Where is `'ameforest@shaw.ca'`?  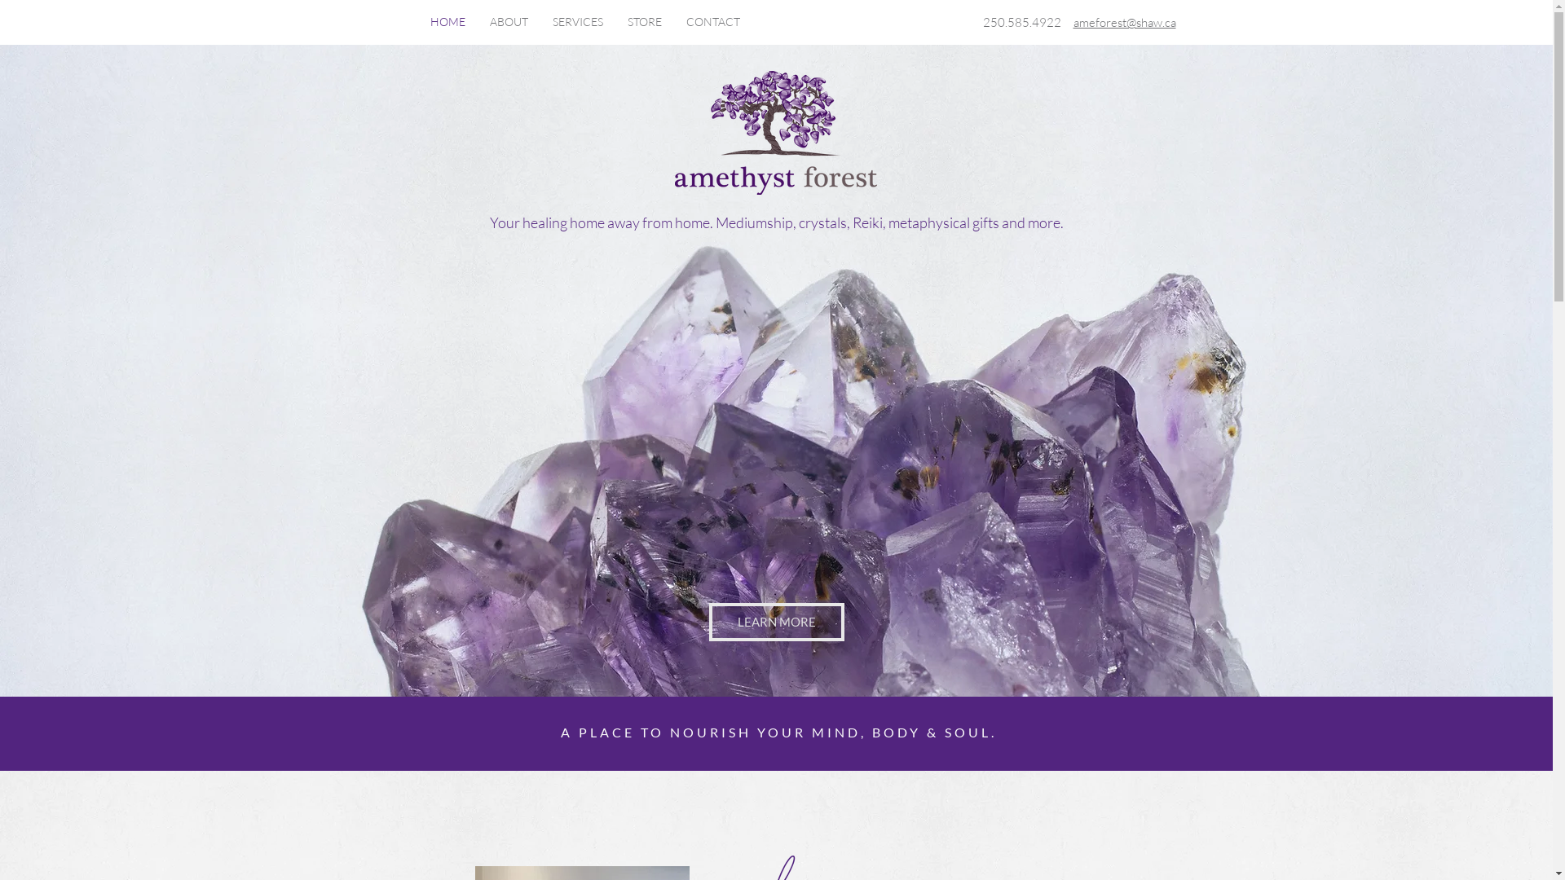 'ameforest@shaw.ca' is located at coordinates (1122, 22).